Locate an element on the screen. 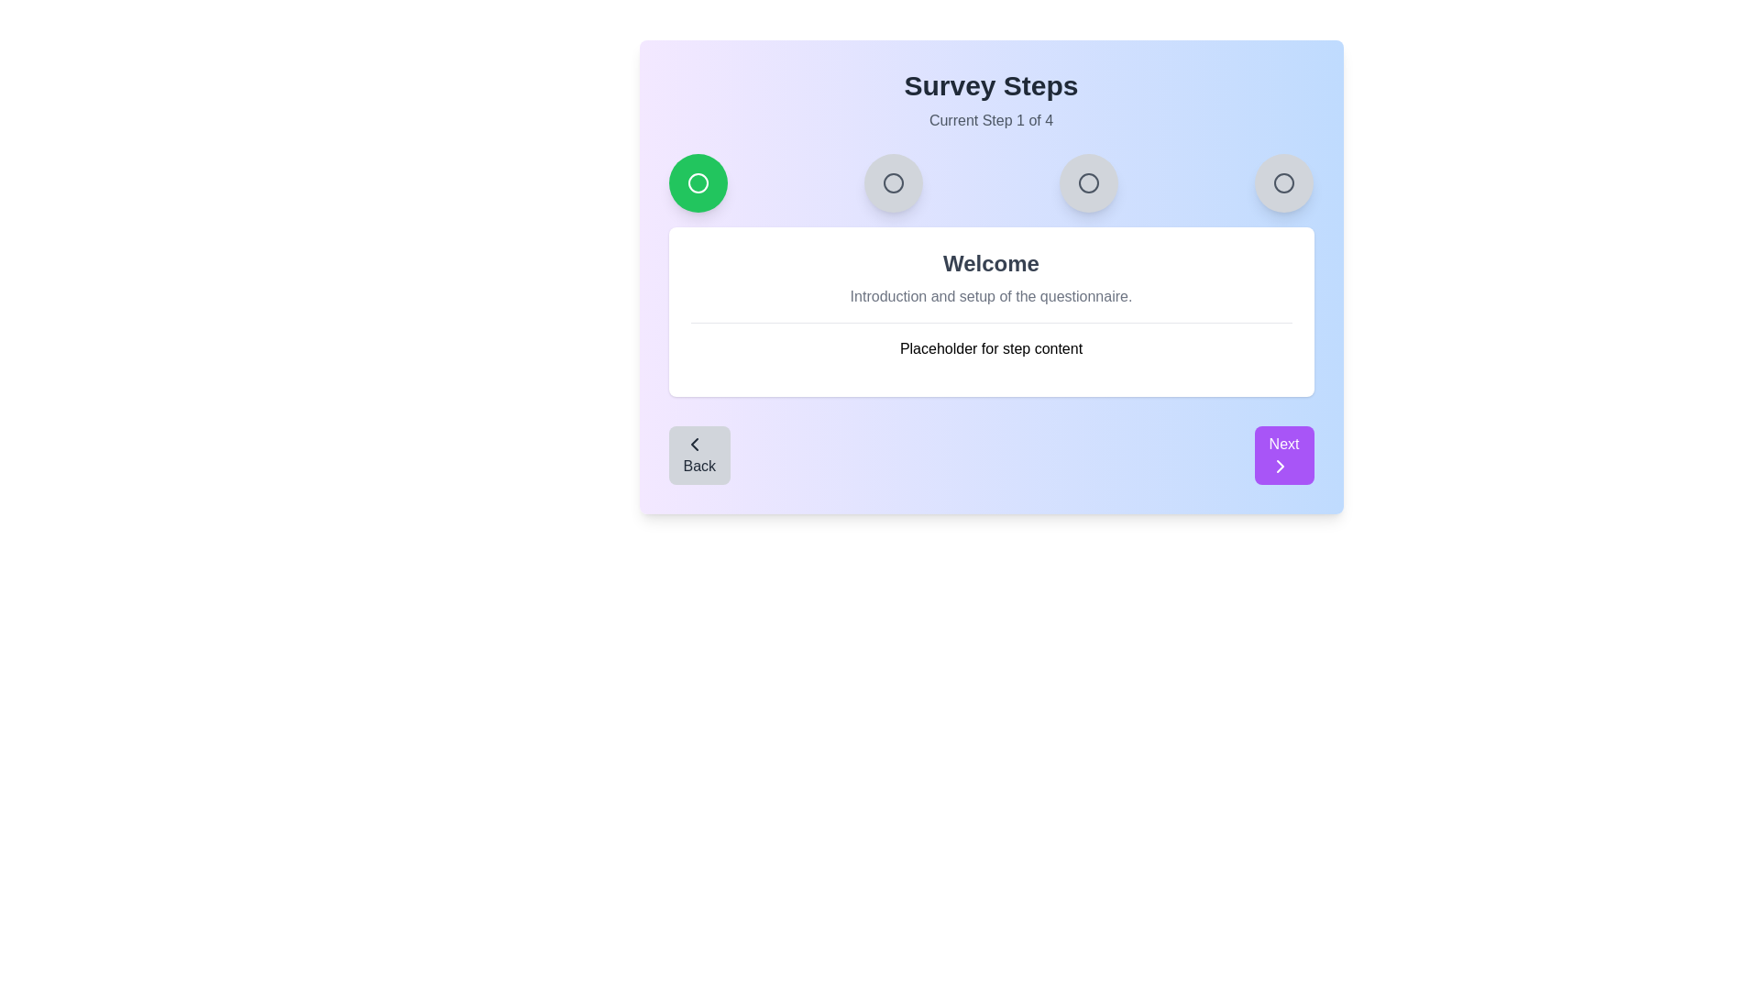 This screenshot has width=1760, height=990. the second circular step indicator button with a gray background and a dark-bordered circle at its center is located at coordinates (893, 183).